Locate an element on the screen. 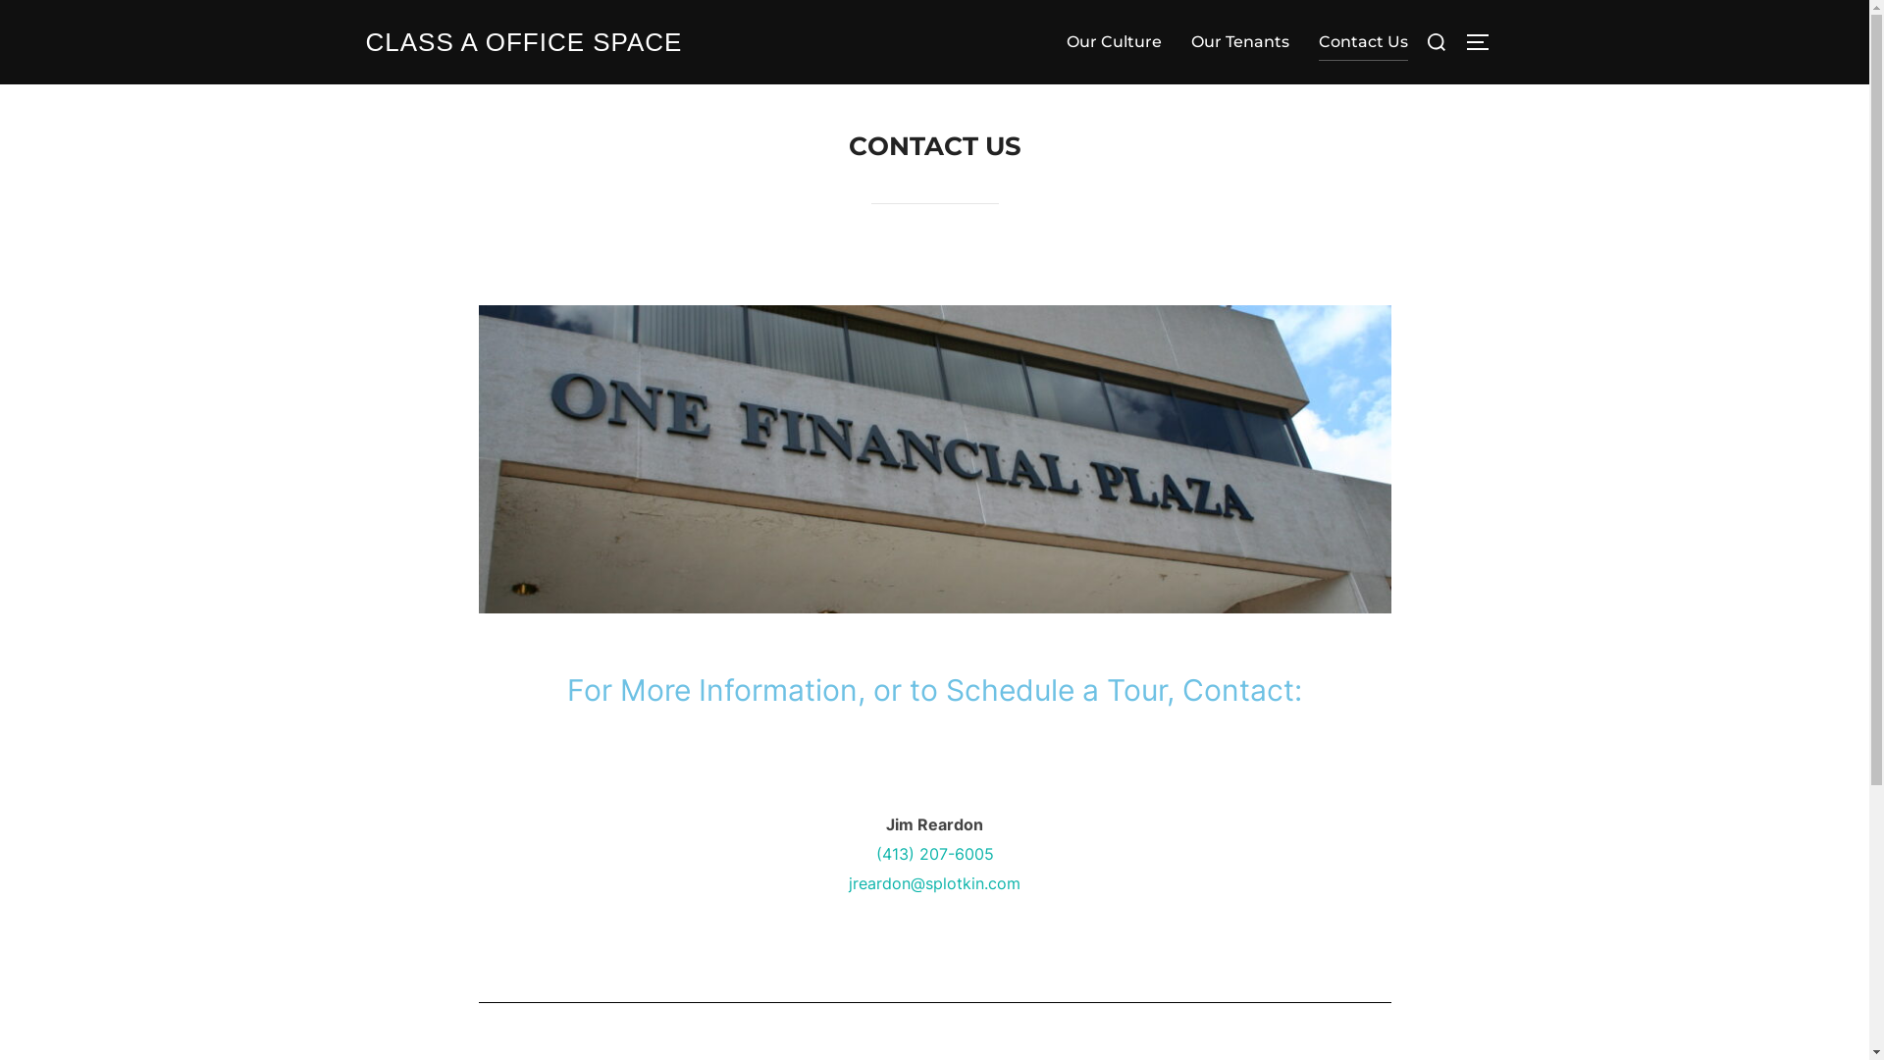 The height and width of the screenshot is (1060, 1884). 'Our Tenants' is located at coordinates (1238, 41).